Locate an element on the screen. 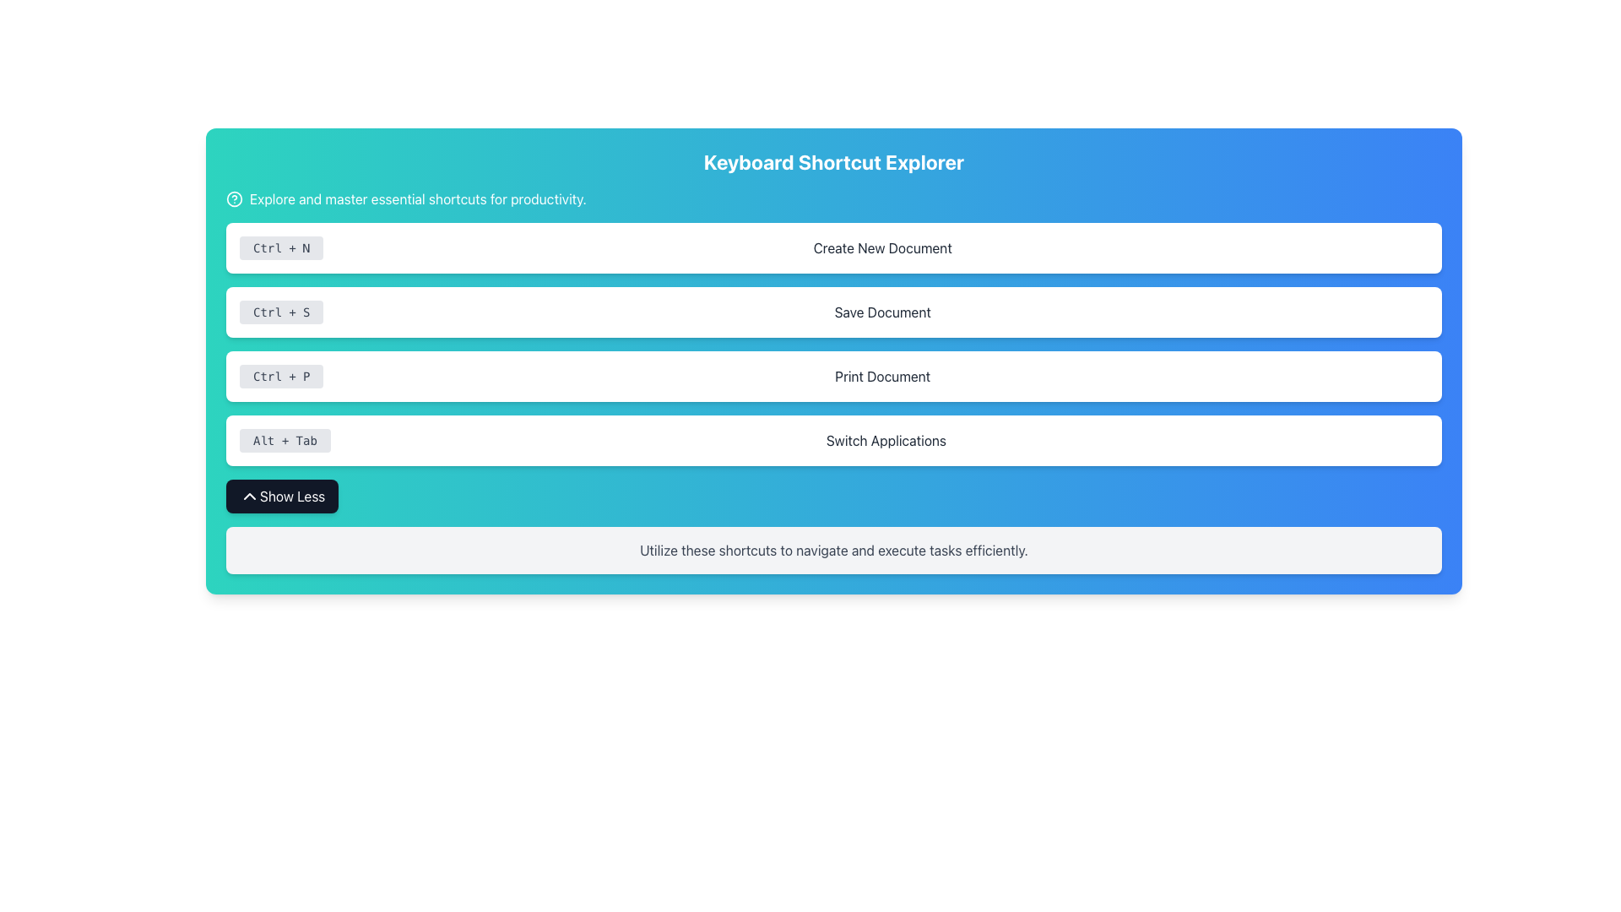 The image size is (1621, 912). the 'Show Less' button, which is a rectangular button with a dark background and white text, located at the bottom of a turquoise gradient section is located at coordinates (282, 495).